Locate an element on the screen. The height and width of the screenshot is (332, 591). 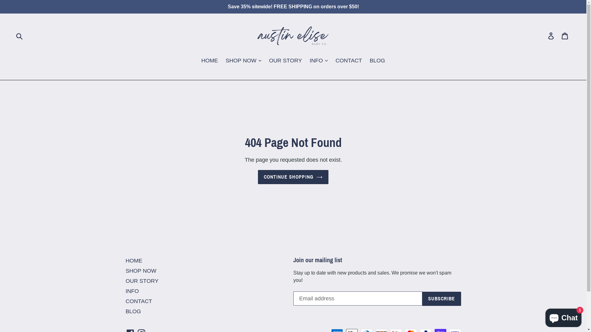
'HOME' is located at coordinates (134, 260).